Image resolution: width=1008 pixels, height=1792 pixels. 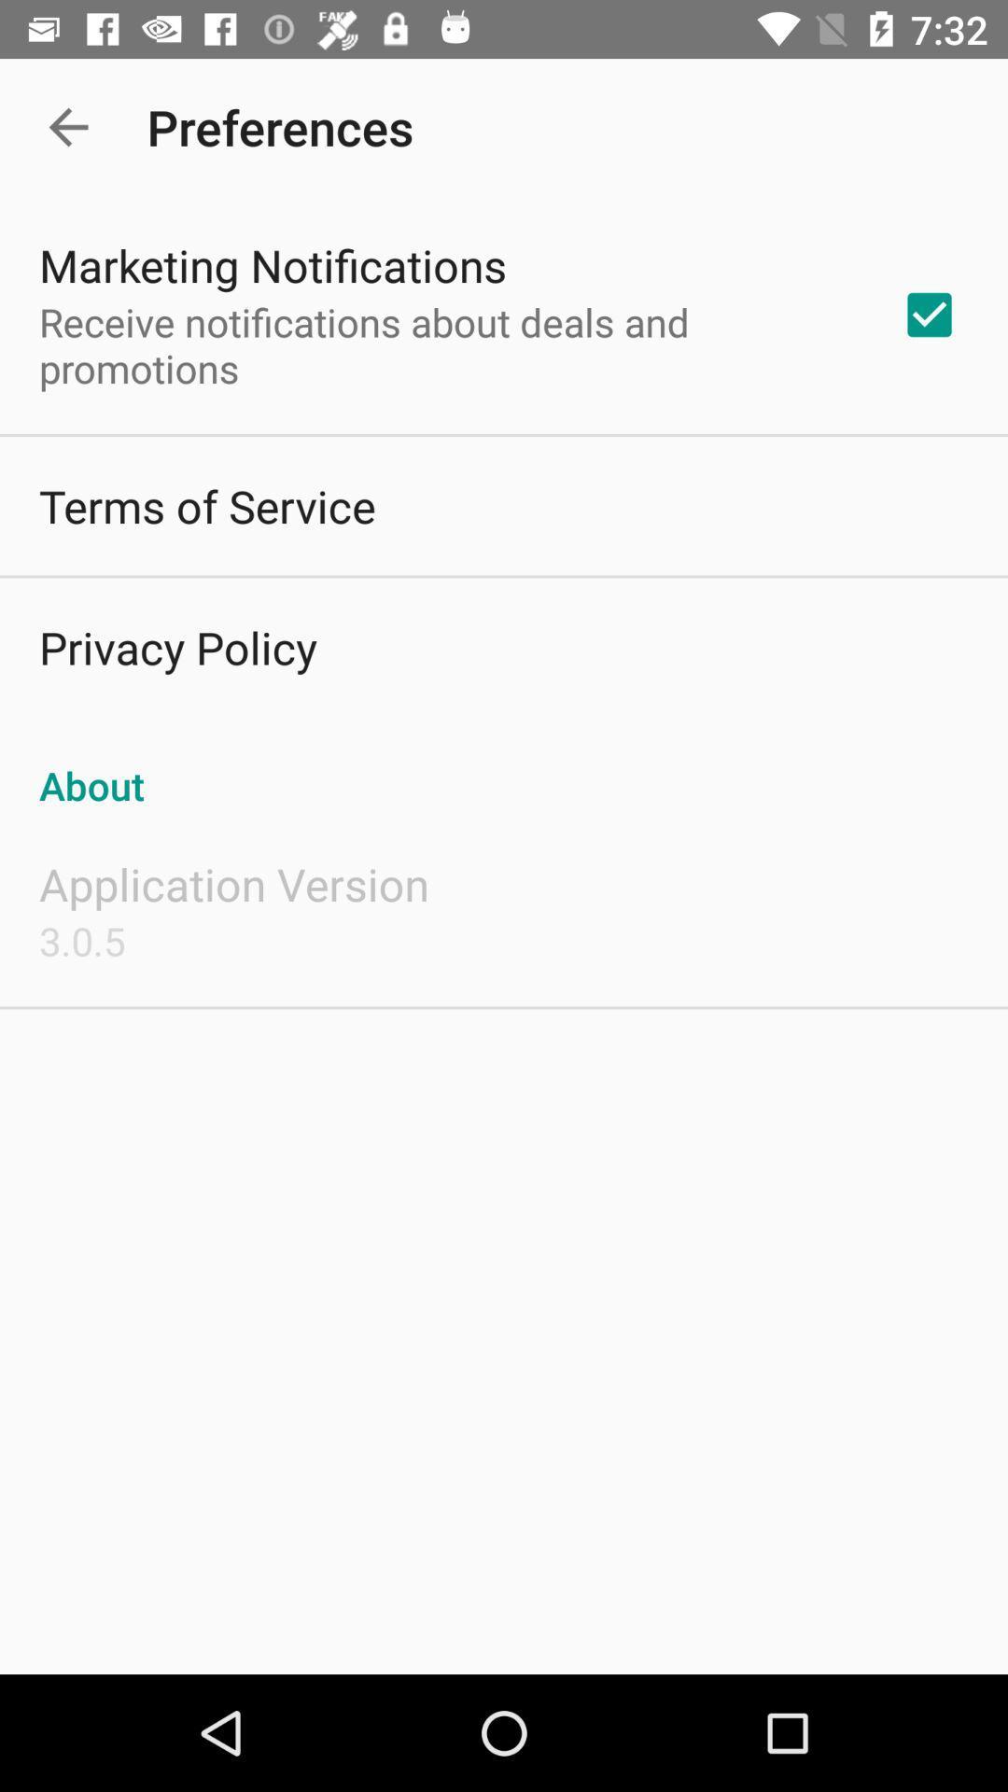 What do you see at coordinates (207, 506) in the screenshot?
I see `terms of service item` at bounding box center [207, 506].